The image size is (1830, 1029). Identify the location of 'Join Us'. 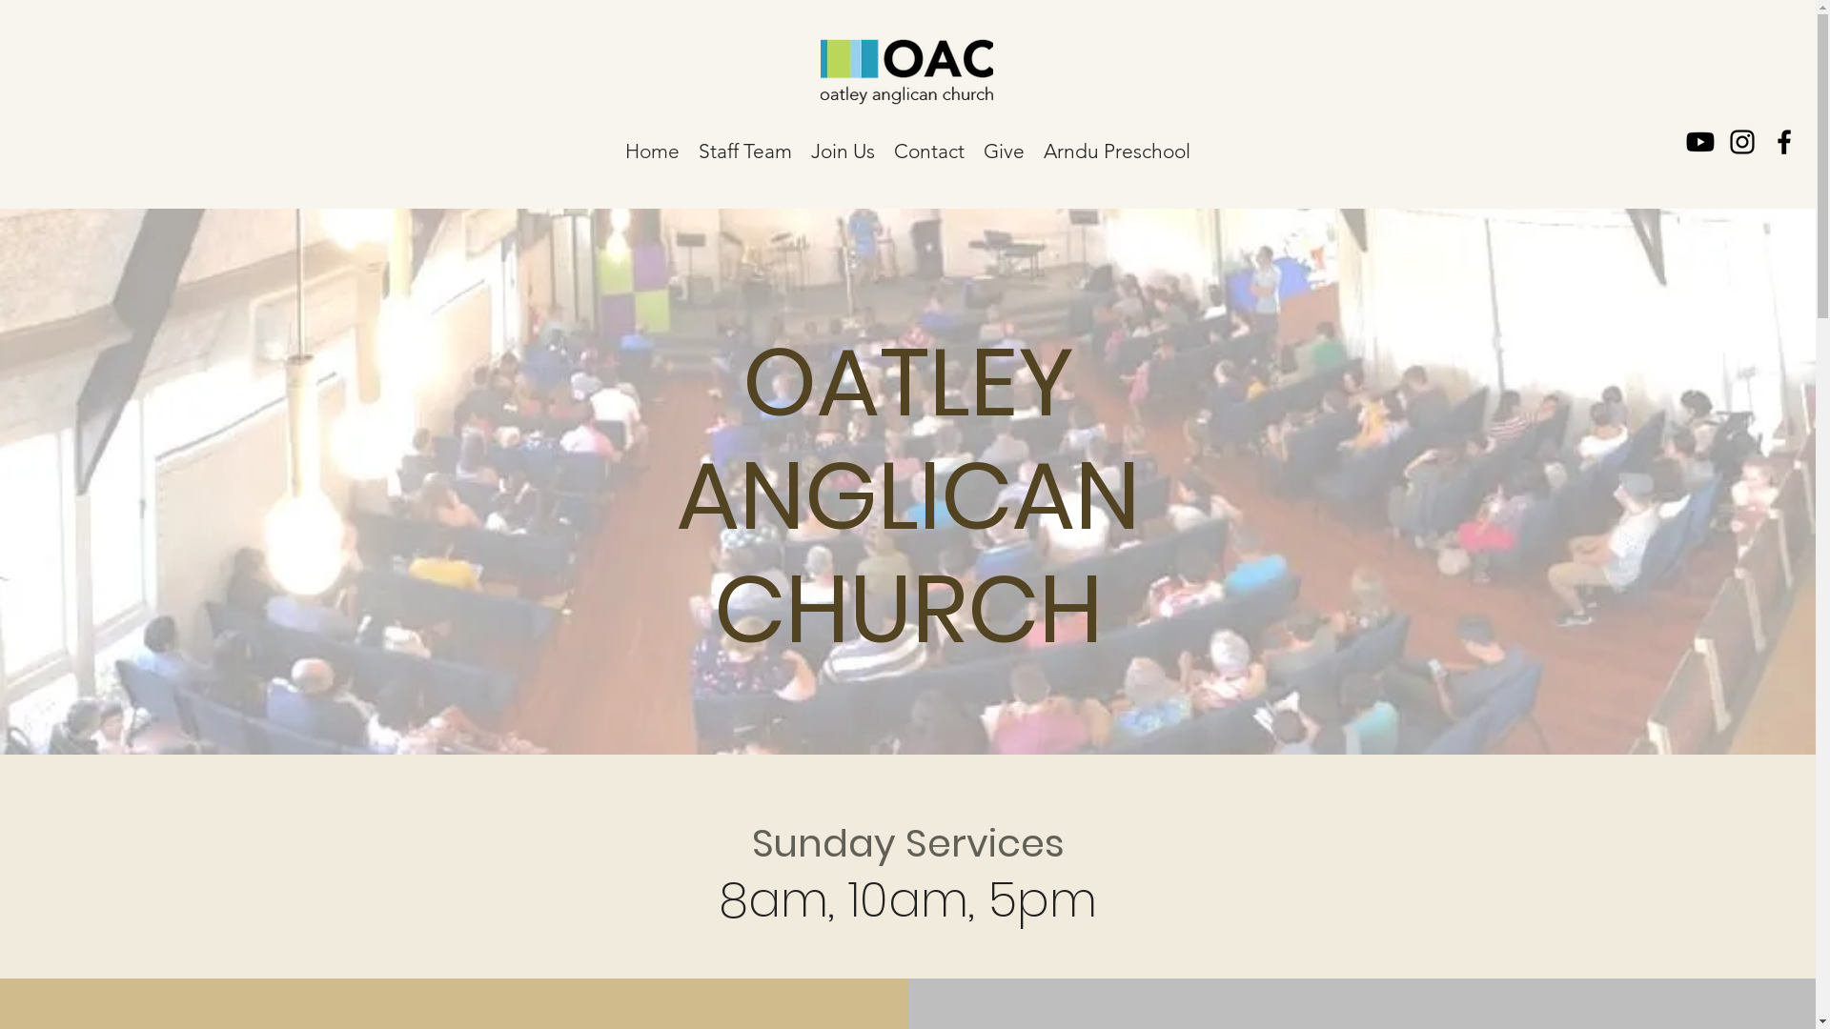
(842, 146).